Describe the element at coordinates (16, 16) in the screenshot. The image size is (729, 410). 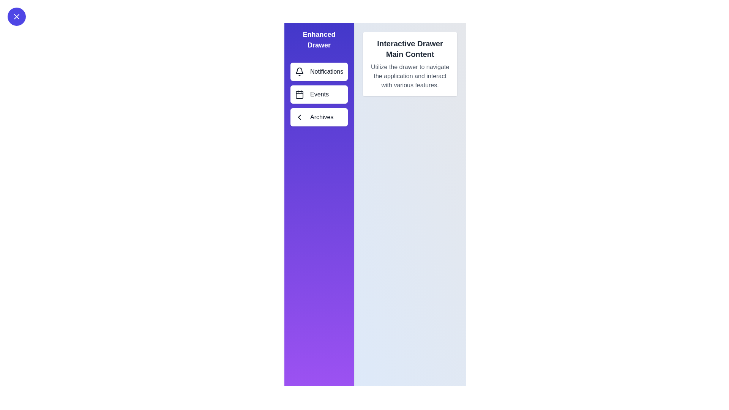
I see `toggle button at the top-left corner of the screen to toggle the drawer` at that location.